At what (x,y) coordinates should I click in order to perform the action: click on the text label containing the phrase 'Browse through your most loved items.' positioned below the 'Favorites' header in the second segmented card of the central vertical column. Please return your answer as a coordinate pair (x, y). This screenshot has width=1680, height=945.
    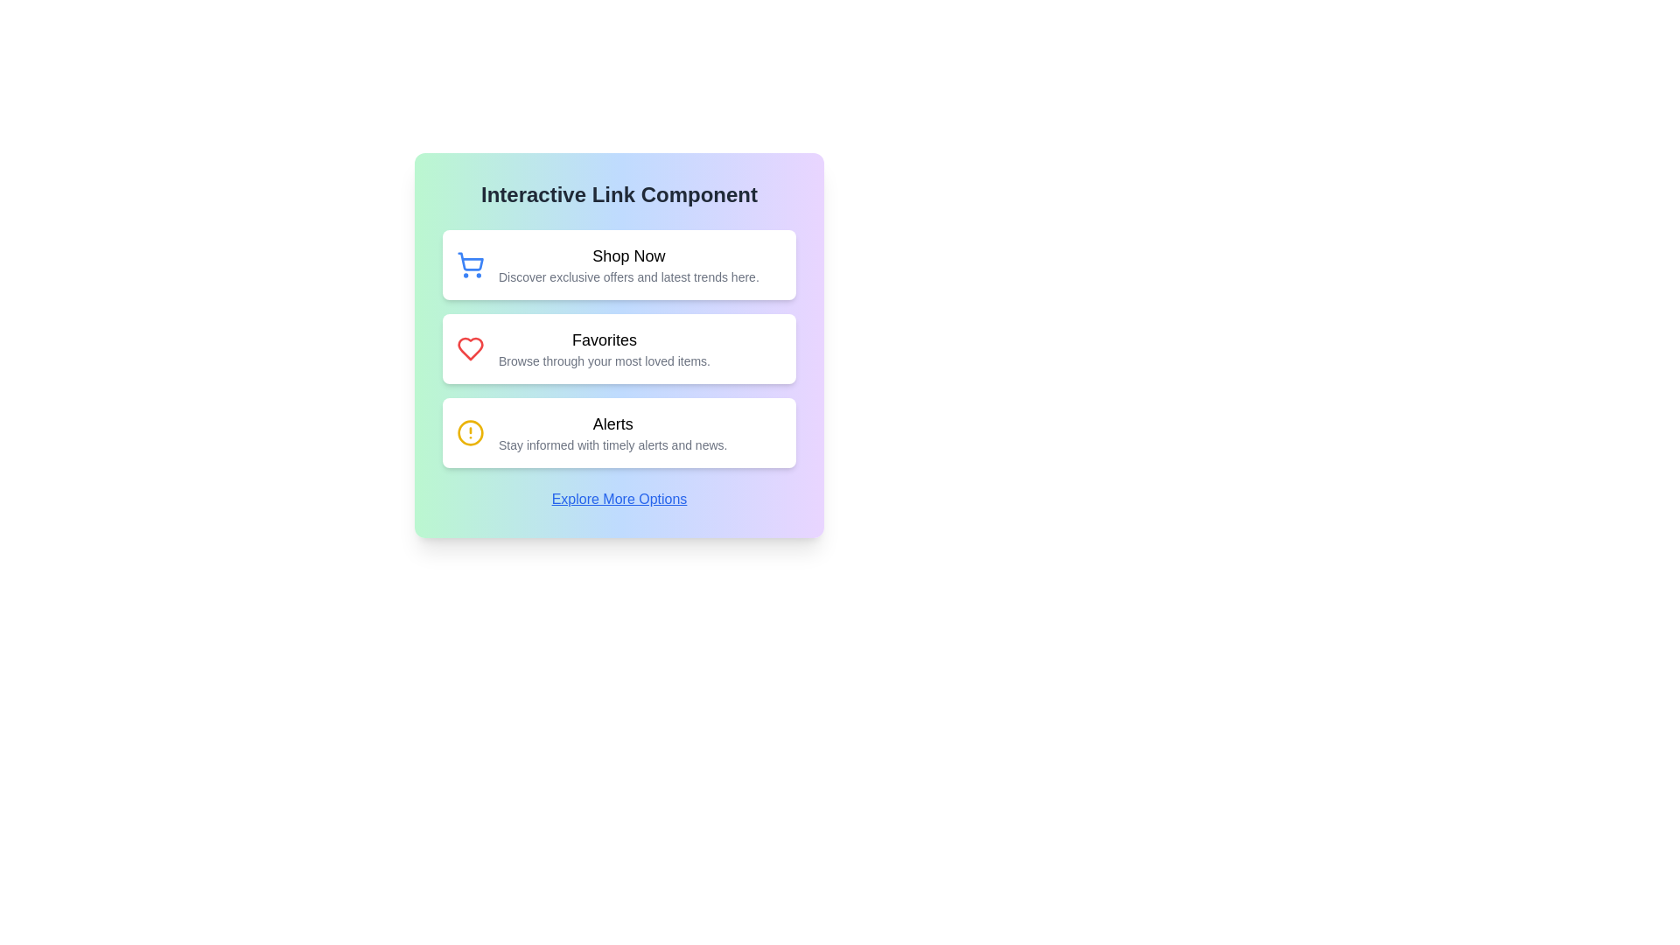
    Looking at the image, I should click on (605, 360).